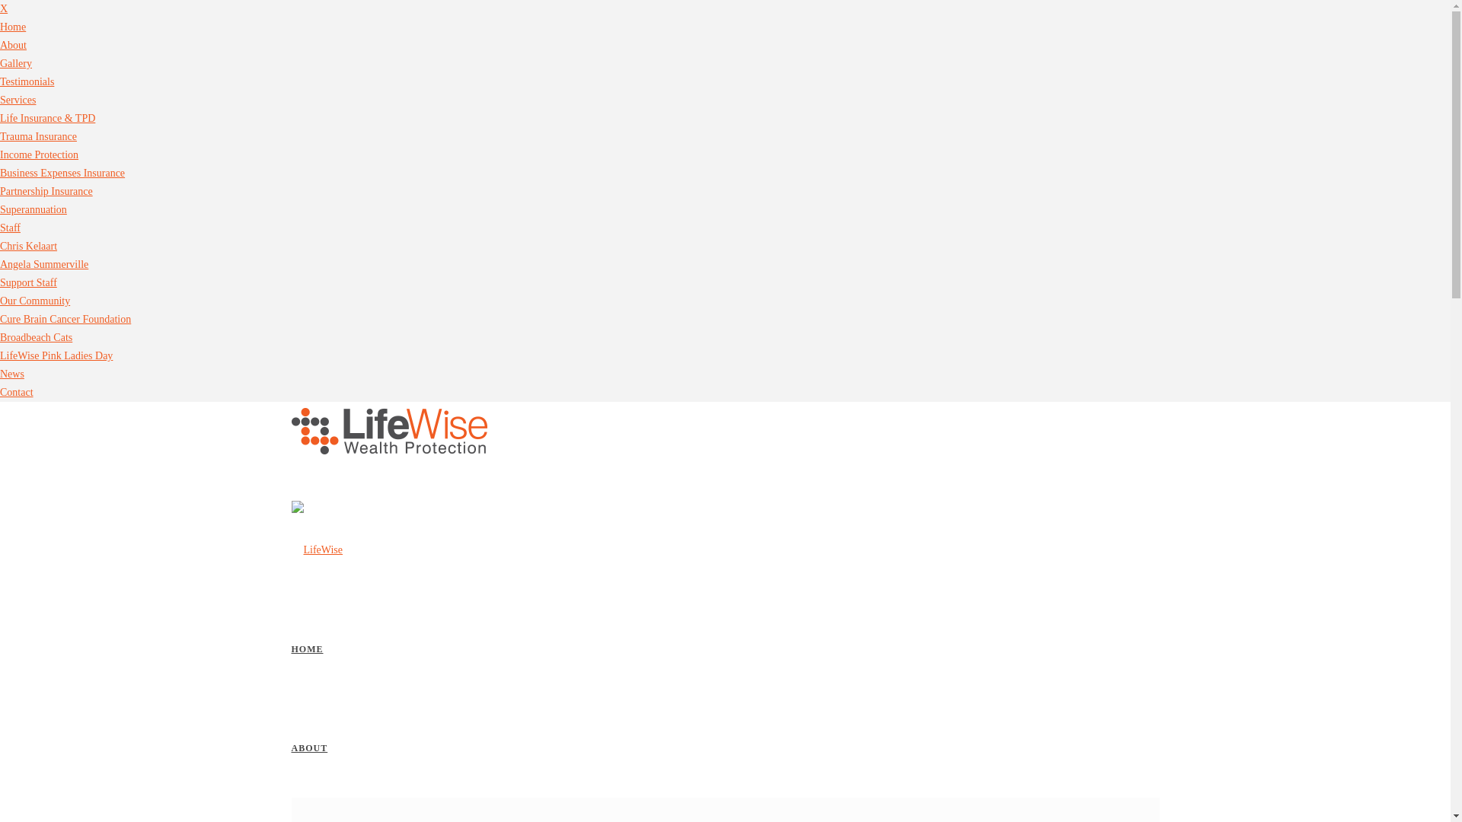 The width and height of the screenshot is (1462, 822). Describe the element at coordinates (0, 301) in the screenshot. I see `'Our Community'` at that location.